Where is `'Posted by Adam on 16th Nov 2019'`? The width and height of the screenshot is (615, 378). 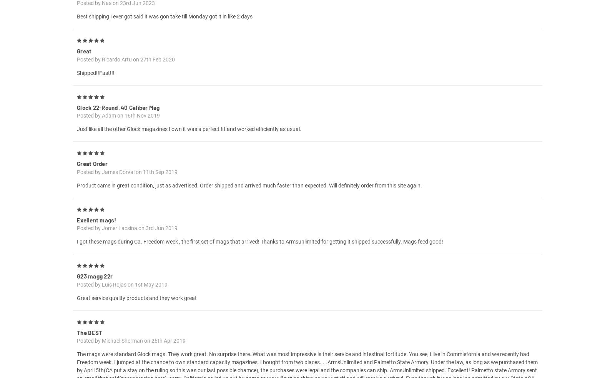
'Posted by Adam on 16th Nov 2019' is located at coordinates (118, 124).